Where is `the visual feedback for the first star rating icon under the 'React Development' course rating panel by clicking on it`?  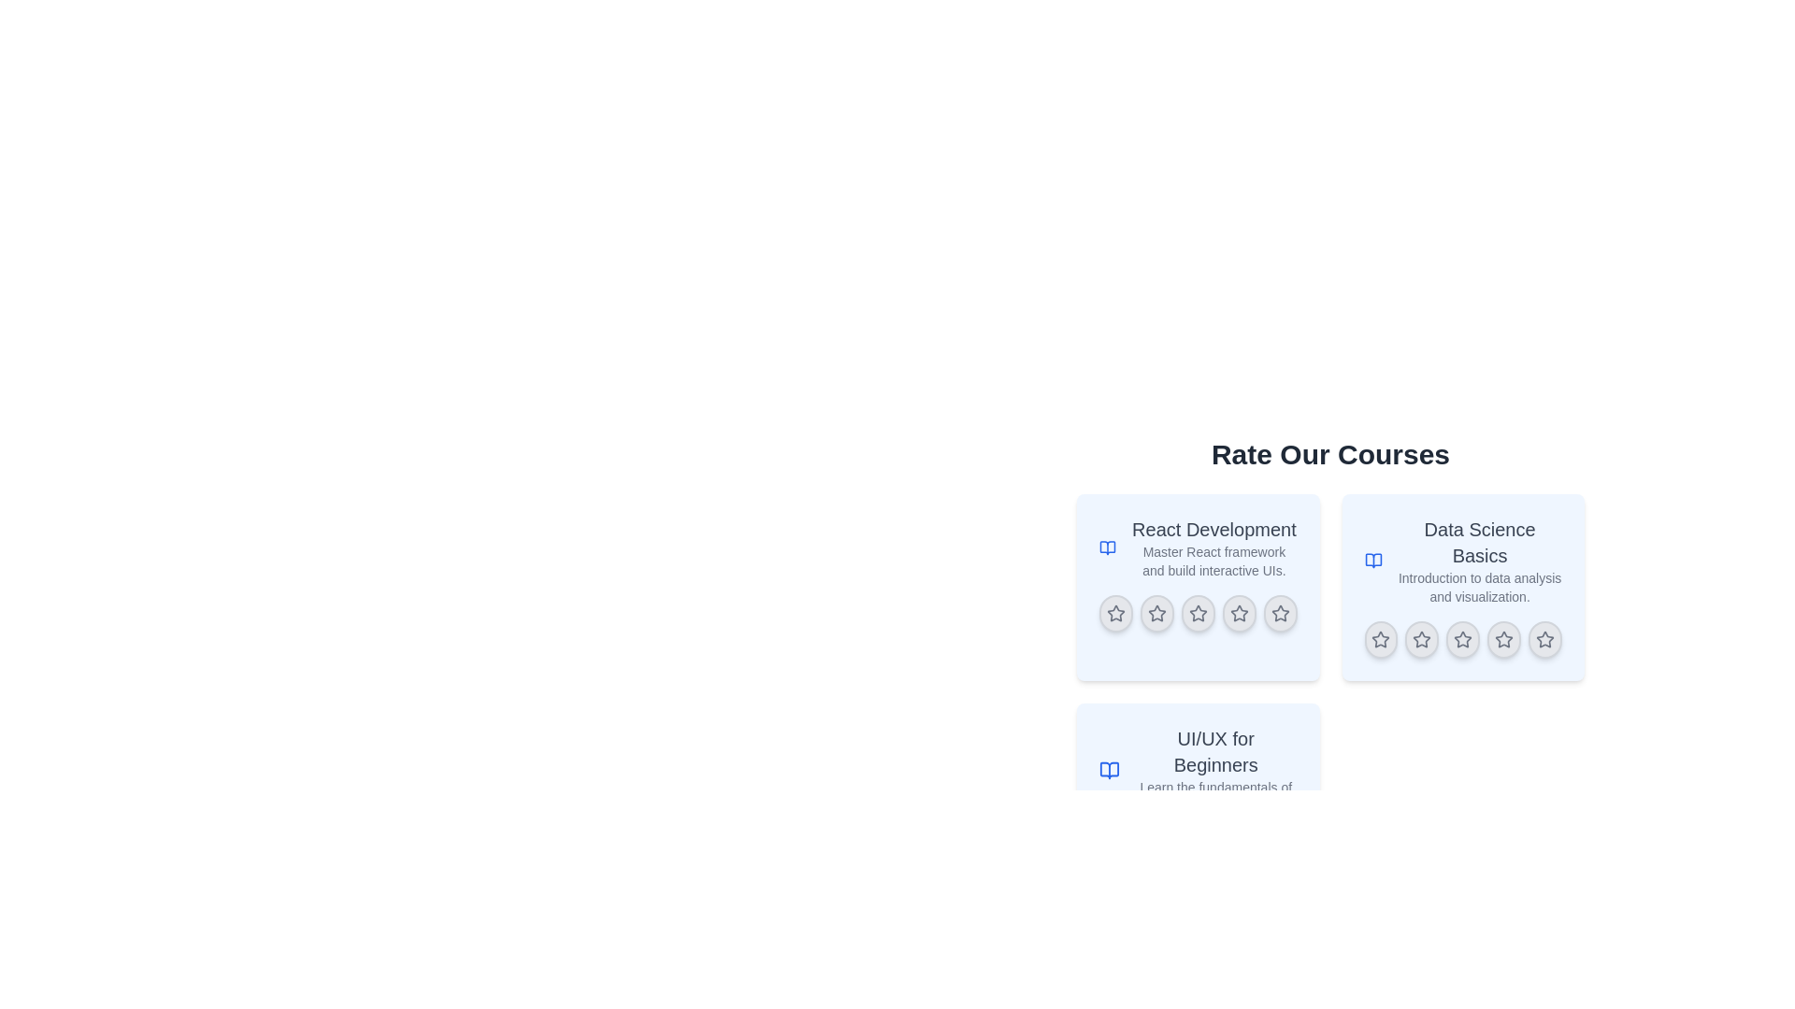 the visual feedback for the first star rating icon under the 'React Development' course rating panel by clicking on it is located at coordinates (1115, 613).